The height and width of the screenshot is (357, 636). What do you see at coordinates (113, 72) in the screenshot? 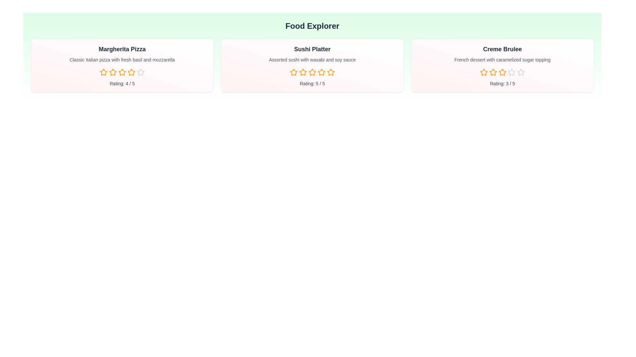
I see `the rating for a dish to 2 stars` at bounding box center [113, 72].